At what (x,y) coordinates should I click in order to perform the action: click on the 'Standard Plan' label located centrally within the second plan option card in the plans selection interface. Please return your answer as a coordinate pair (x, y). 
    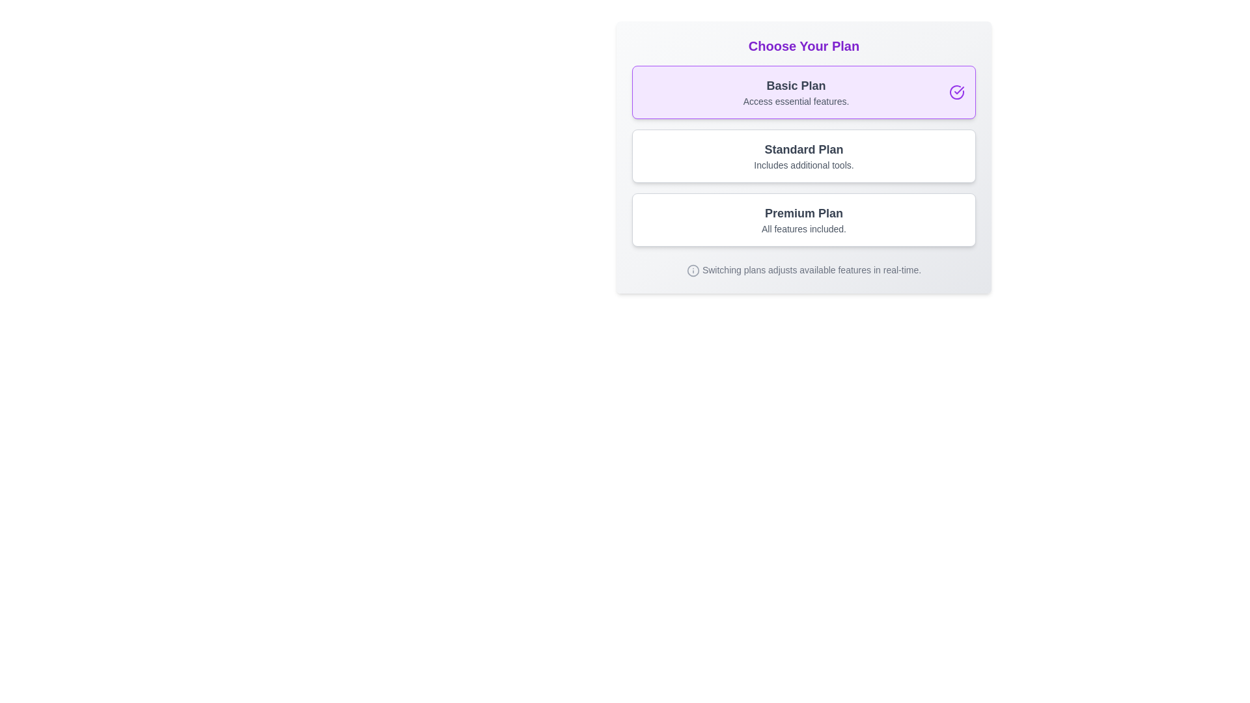
    Looking at the image, I should click on (803, 149).